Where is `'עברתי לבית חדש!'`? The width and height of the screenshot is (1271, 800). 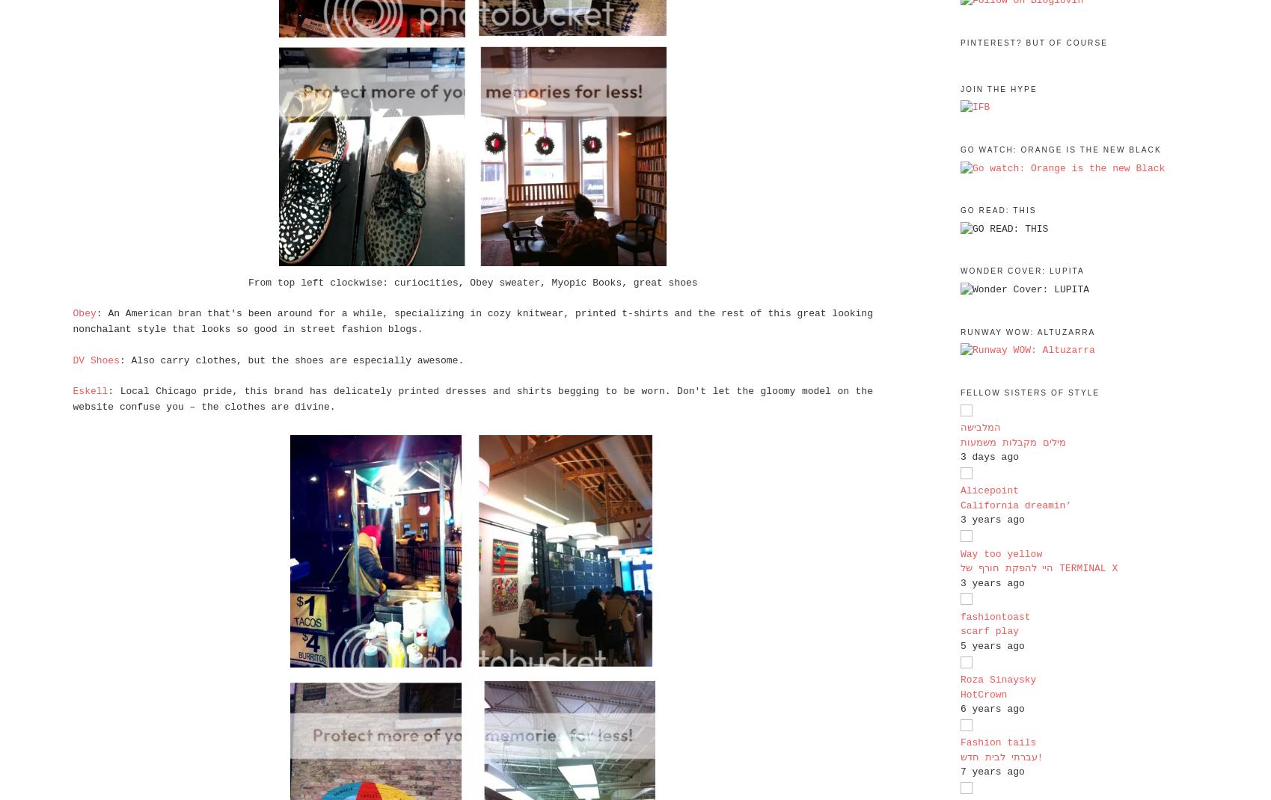
'עברתי לבית חדש!' is located at coordinates (1001, 757).